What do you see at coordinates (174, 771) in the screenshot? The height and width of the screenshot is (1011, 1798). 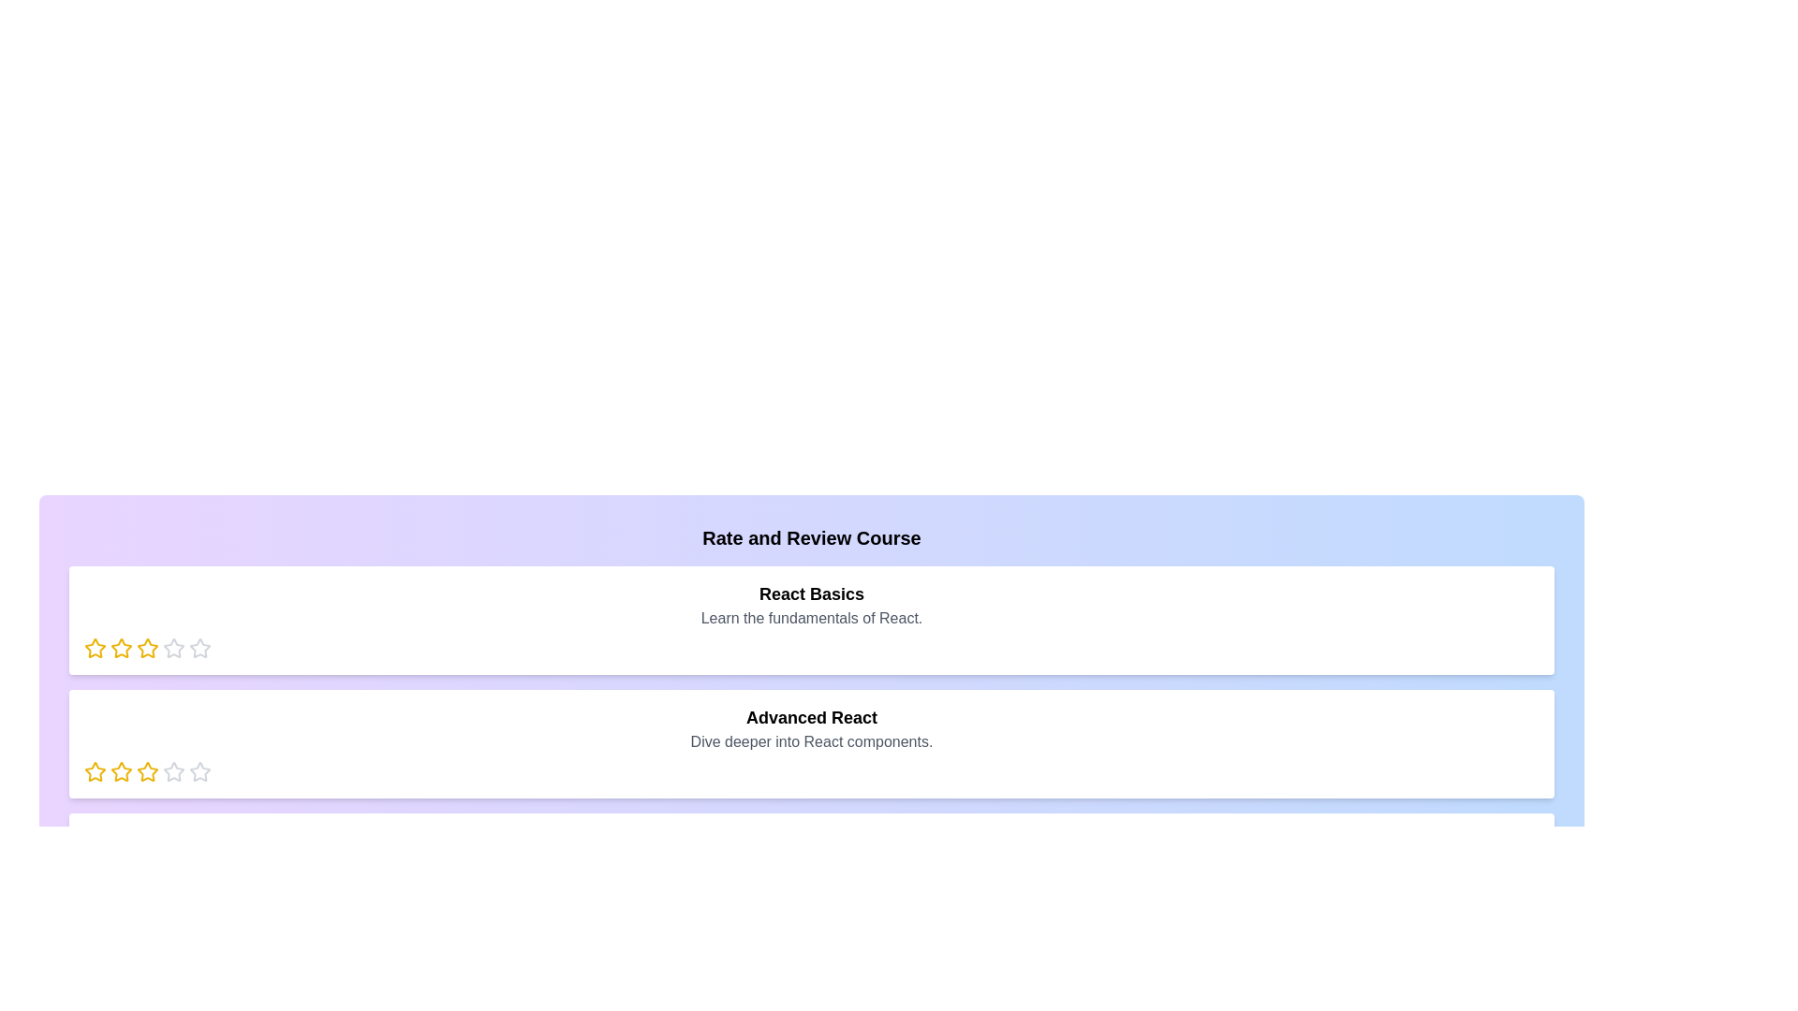 I see `the second star-shaped rating button in the five-star rating interface for the course 'Advanced React'` at bounding box center [174, 771].